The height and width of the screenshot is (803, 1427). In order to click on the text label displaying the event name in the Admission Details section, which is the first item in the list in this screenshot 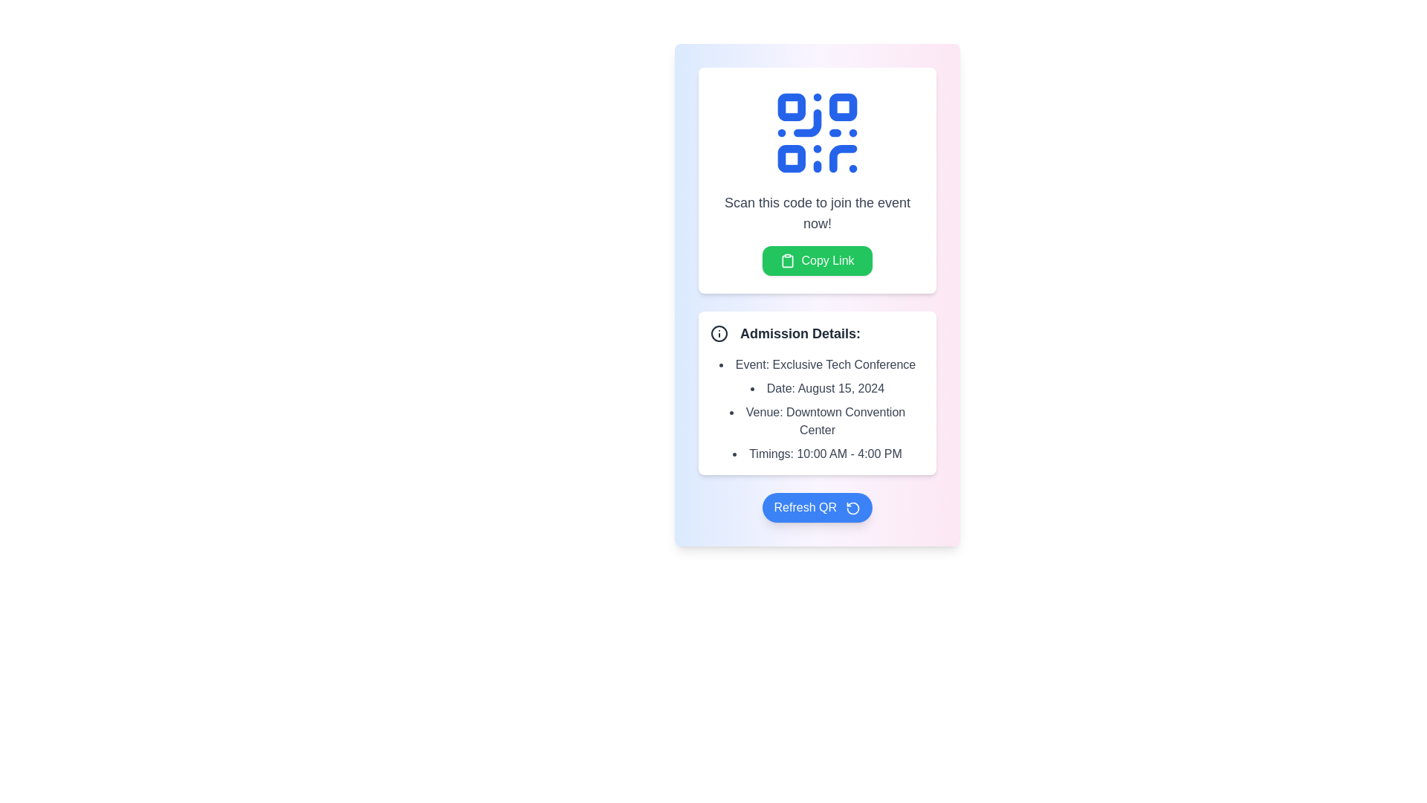, I will do `click(816, 364)`.